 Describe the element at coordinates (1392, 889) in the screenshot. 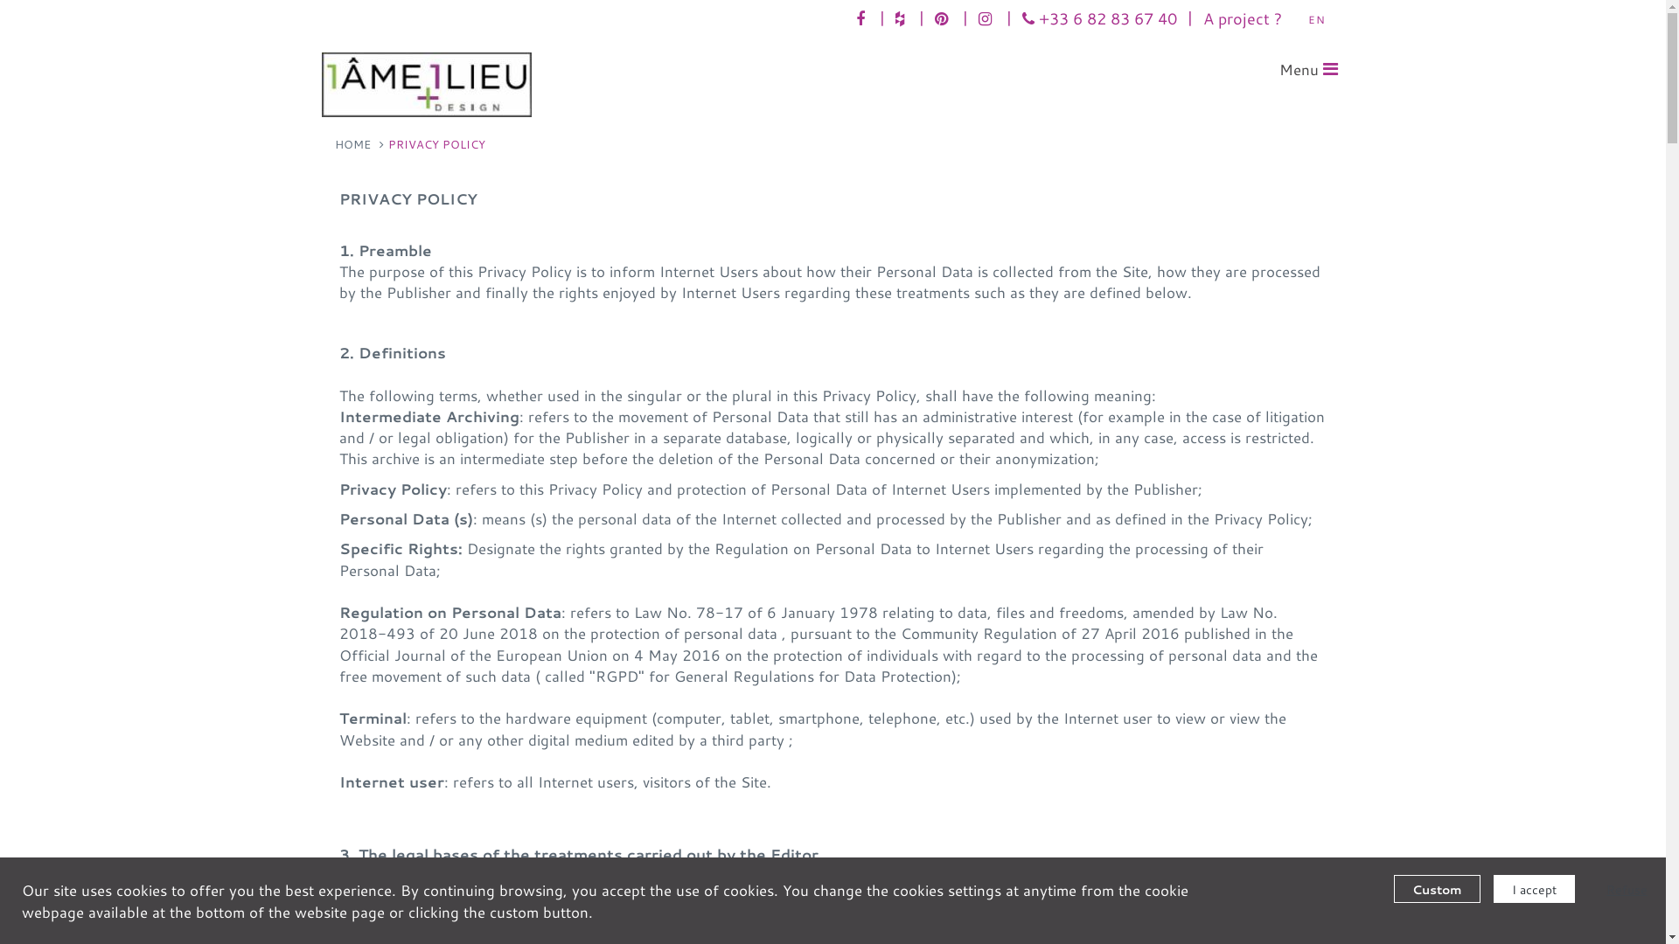

I see `'Custom'` at that location.